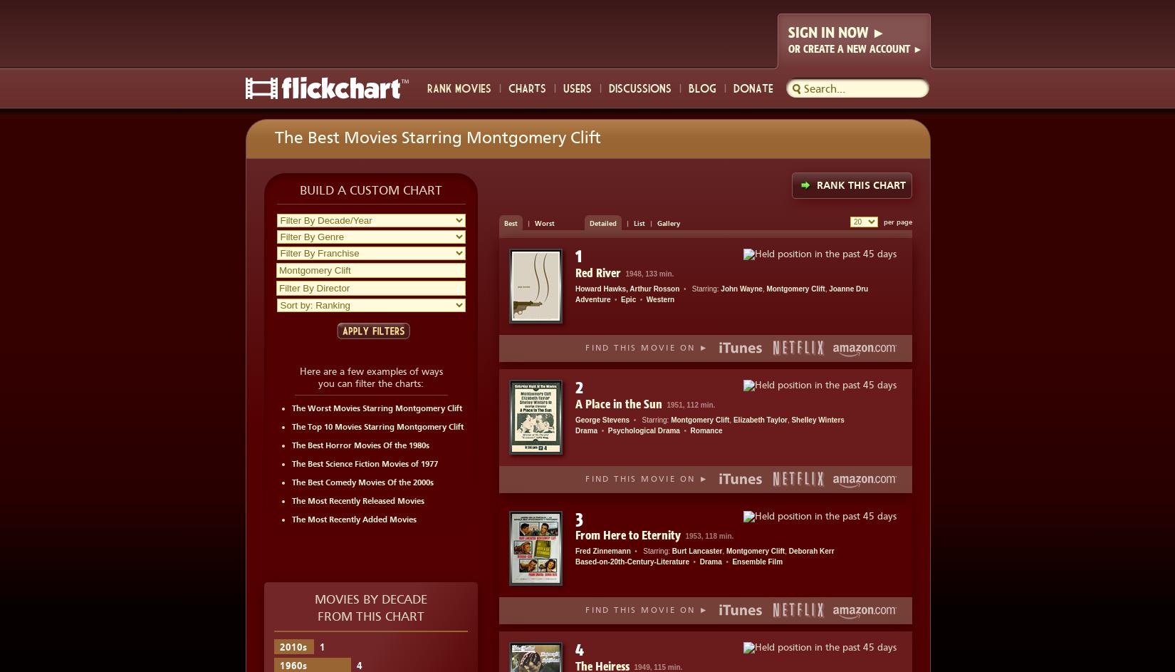  Describe the element at coordinates (503, 222) in the screenshot. I see `'Best'` at that location.